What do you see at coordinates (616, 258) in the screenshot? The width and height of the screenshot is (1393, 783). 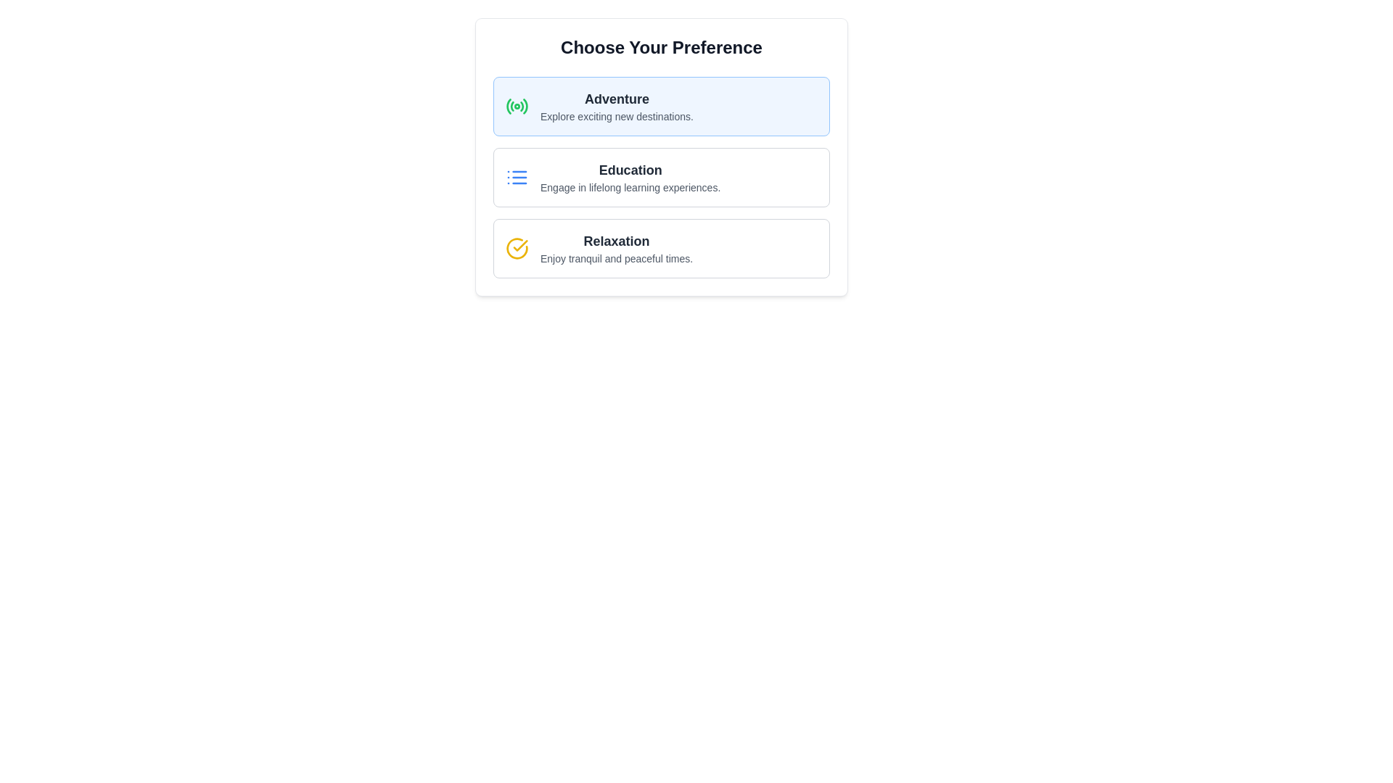 I see `the static text element that provides additional context about the 'Relaxation' option, located below the heading 'Relaxation'` at bounding box center [616, 258].